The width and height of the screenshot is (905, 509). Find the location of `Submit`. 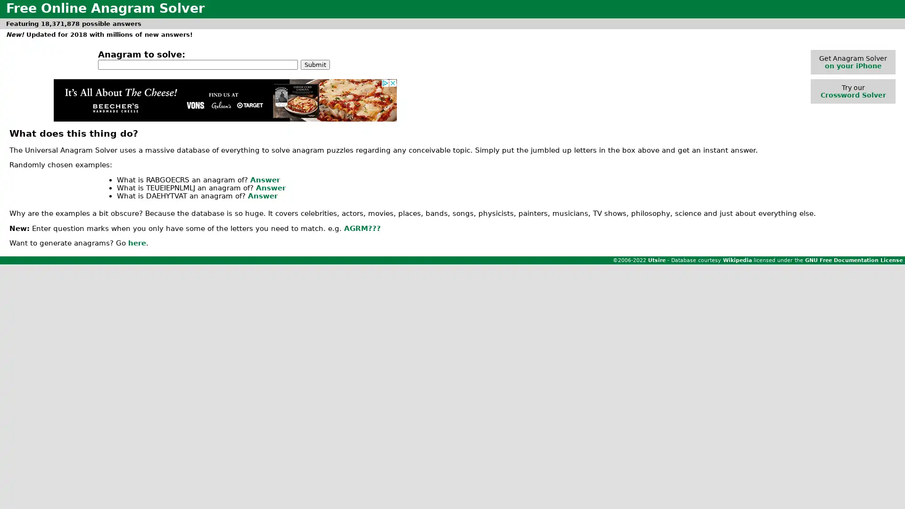

Submit is located at coordinates (315, 64).